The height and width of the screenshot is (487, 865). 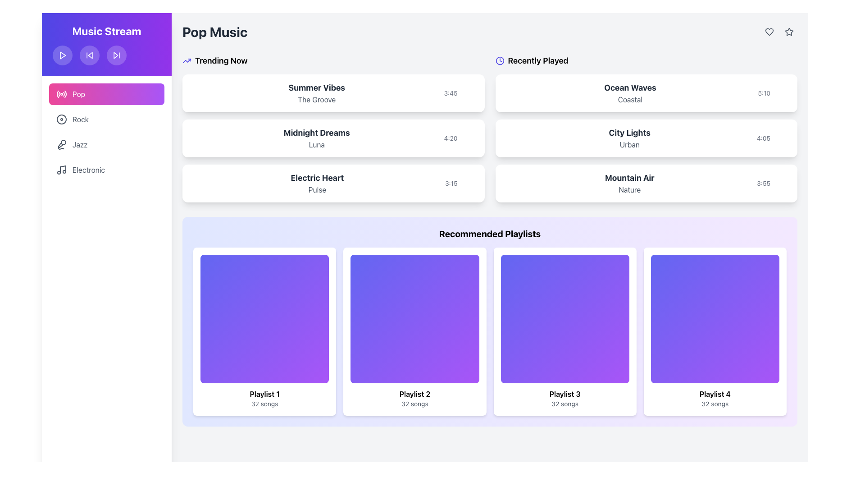 I want to click on the Thumbnail image or graphical placeholder with a gradient background, so click(x=264, y=318).